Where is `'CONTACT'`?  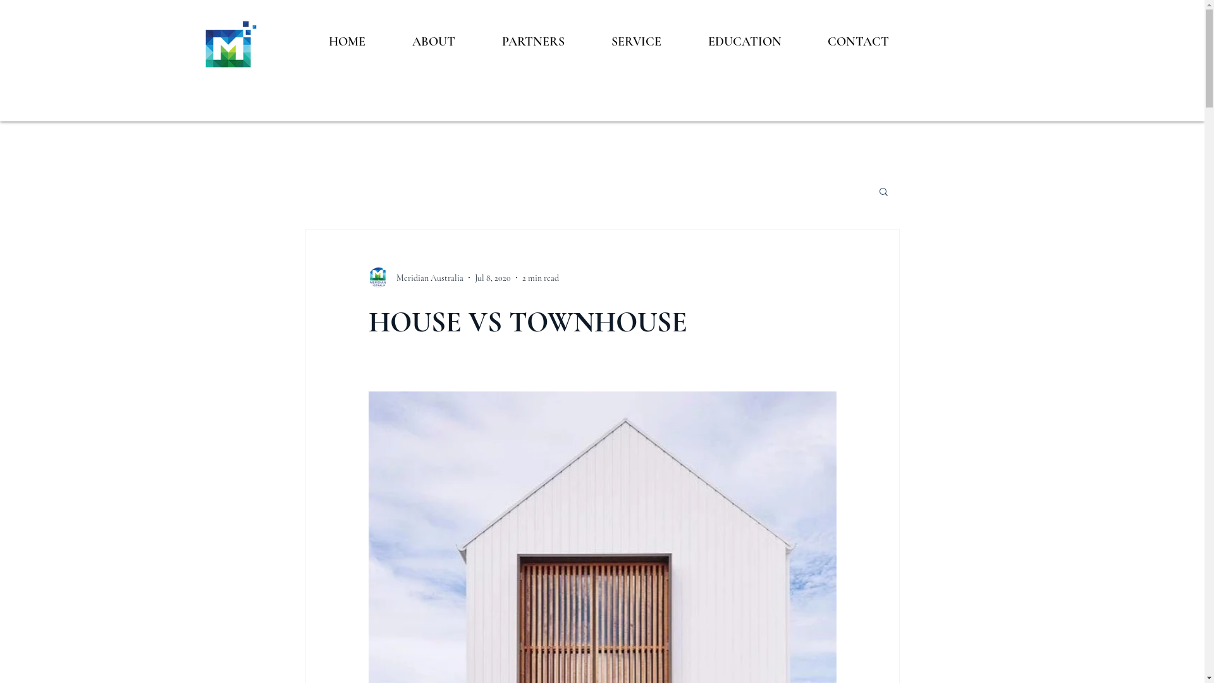
'CONTACT' is located at coordinates (858, 35).